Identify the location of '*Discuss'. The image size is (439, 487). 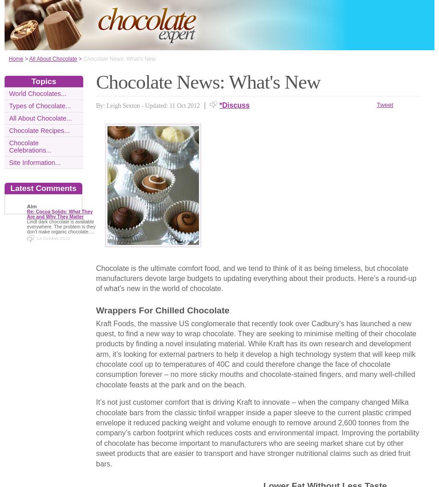
(234, 105).